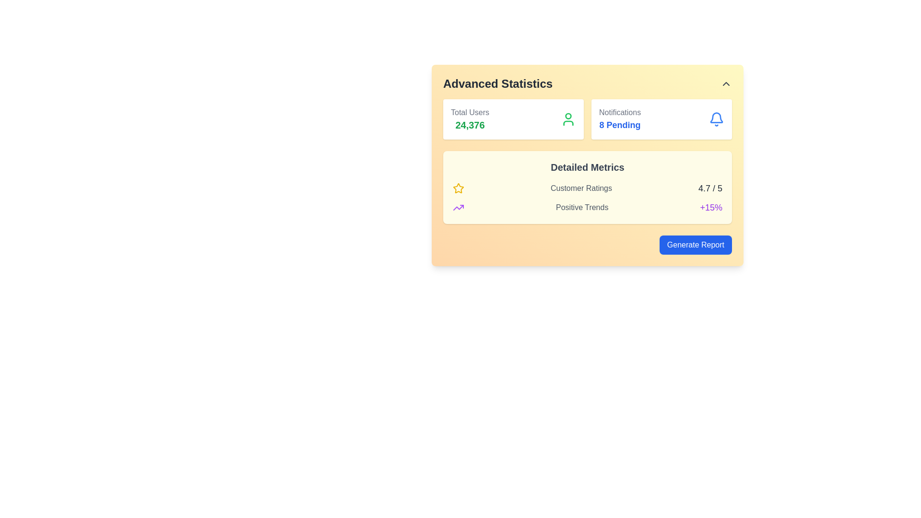 The image size is (921, 518). What do you see at coordinates (470, 112) in the screenshot?
I see `the 'Total Users' text label, which is displayed in gray font above the number '24,376' in a light card component` at bounding box center [470, 112].